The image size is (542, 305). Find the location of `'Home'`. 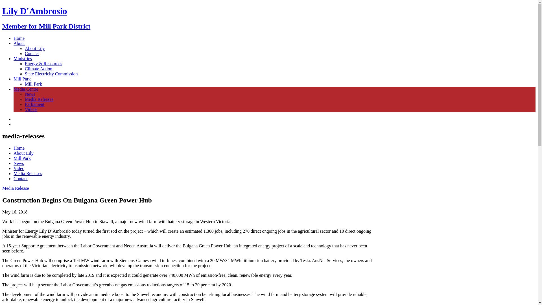

'Home' is located at coordinates (19, 148).